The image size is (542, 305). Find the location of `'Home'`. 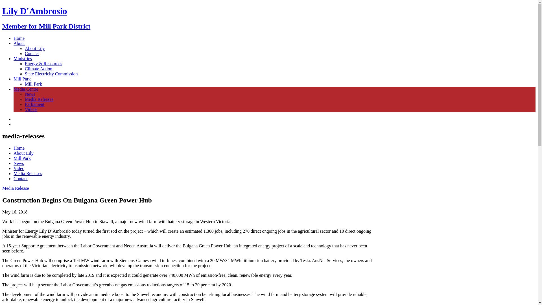

'Home' is located at coordinates (19, 148).